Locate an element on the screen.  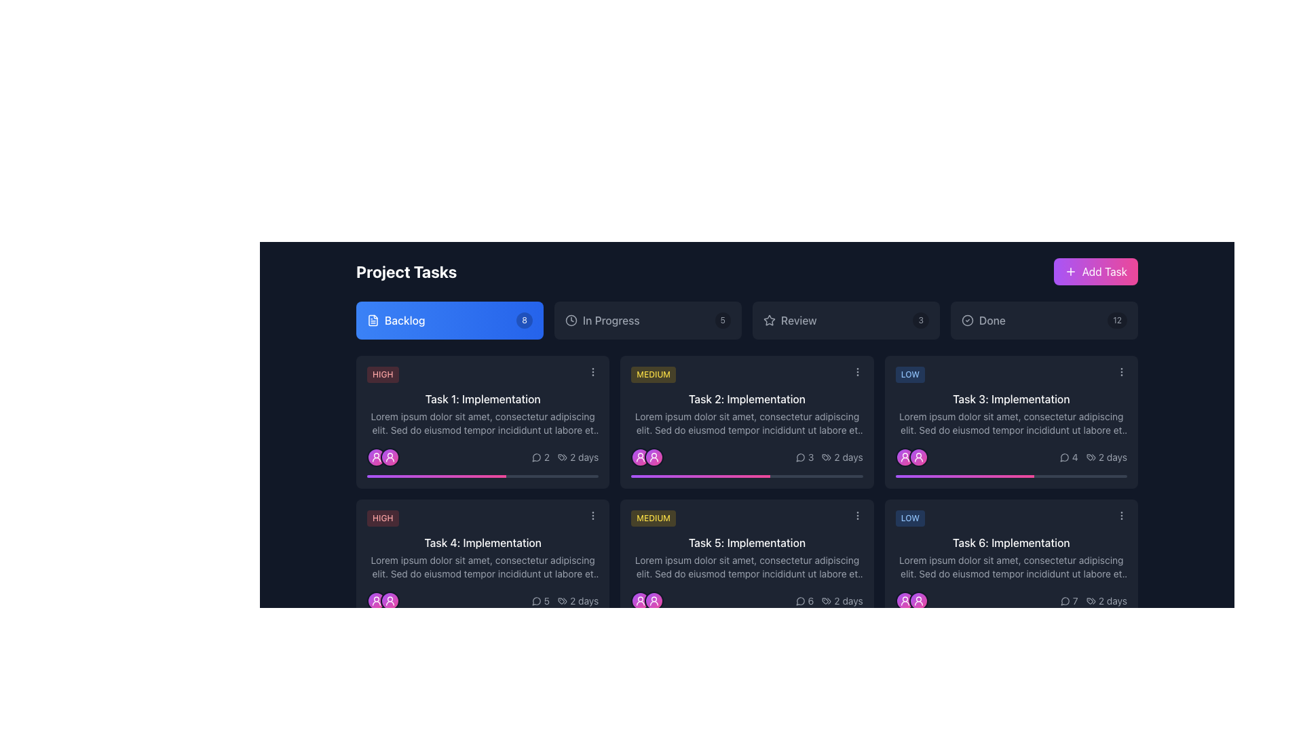
the informational text cluster at the bottom of the 'Task 4: Implementation' card, which provides details such as time remaining and number of comments is located at coordinates (483, 601).